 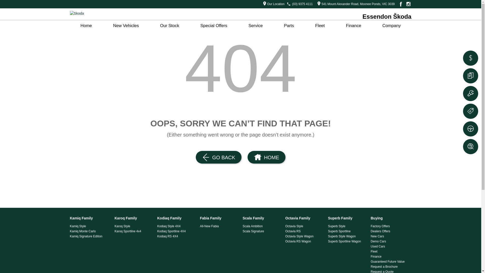 I want to click on 'Instagram', so click(x=405, y=4).